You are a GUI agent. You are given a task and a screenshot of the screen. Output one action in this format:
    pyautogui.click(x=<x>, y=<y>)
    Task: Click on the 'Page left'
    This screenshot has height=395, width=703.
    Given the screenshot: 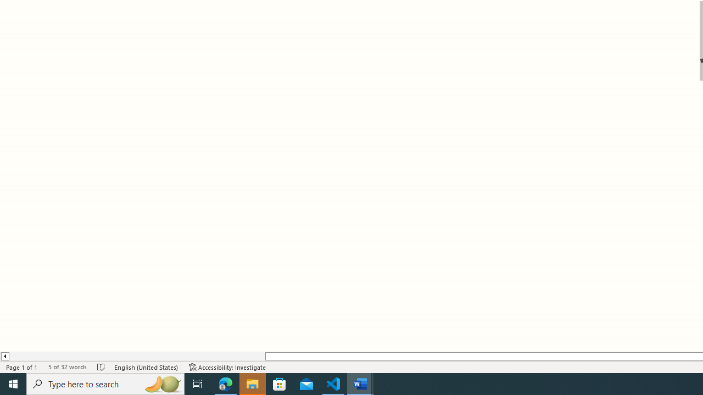 What is the action you would take?
    pyautogui.click(x=136, y=356)
    